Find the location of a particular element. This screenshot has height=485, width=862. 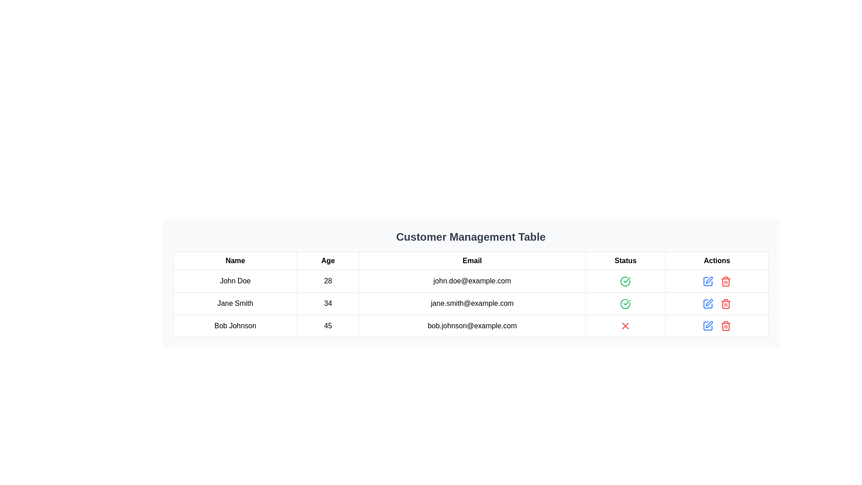

the edit icon located in the 'Actions' column of the first row in the table is located at coordinates (708, 279).